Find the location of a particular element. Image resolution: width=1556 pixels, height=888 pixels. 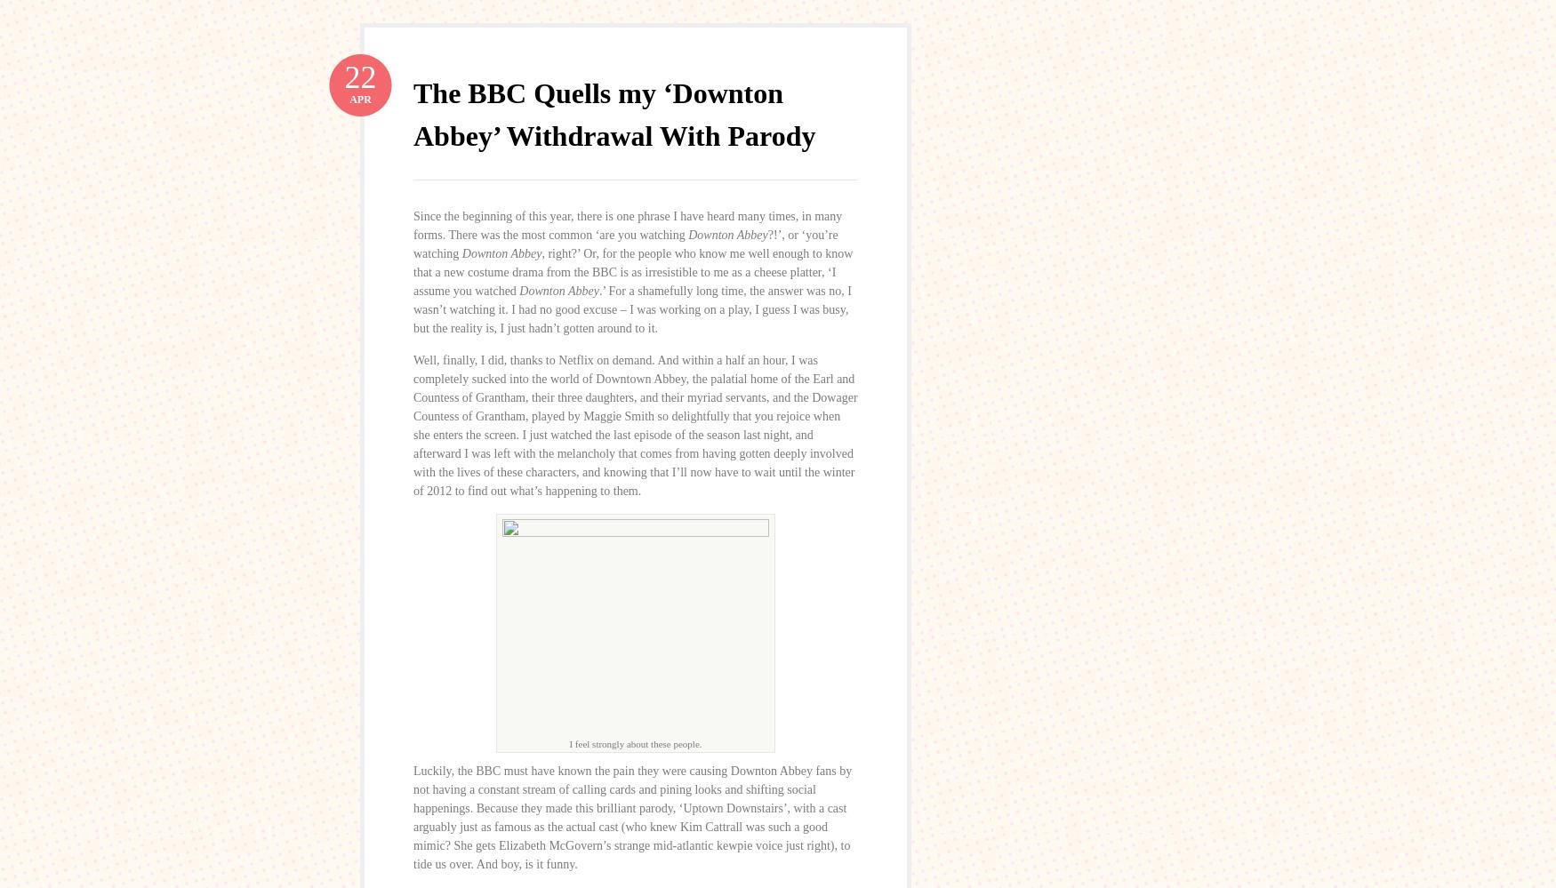

'I feel strongly about these people.' is located at coordinates (635, 741).